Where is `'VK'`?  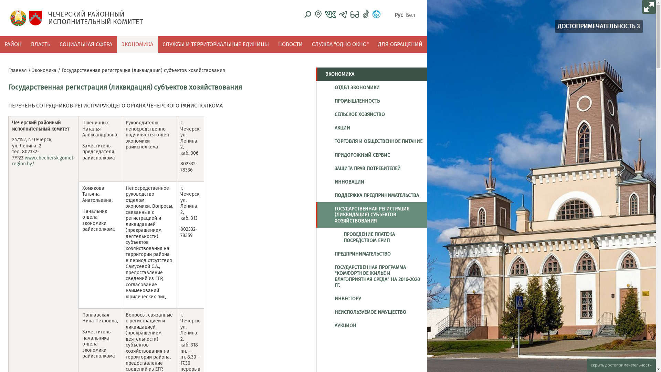
'VK' is located at coordinates (330, 14).